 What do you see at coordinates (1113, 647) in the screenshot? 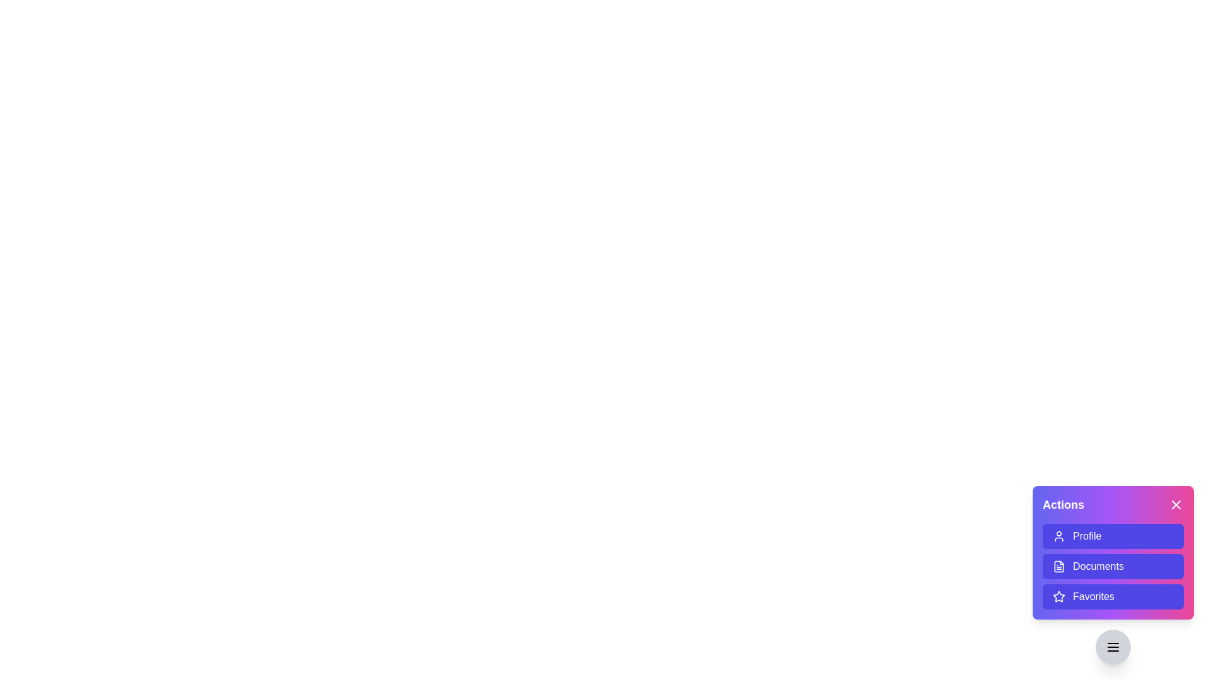
I see `the circular button located at the bottom-right corner of the 'Actions' panel` at bounding box center [1113, 647].